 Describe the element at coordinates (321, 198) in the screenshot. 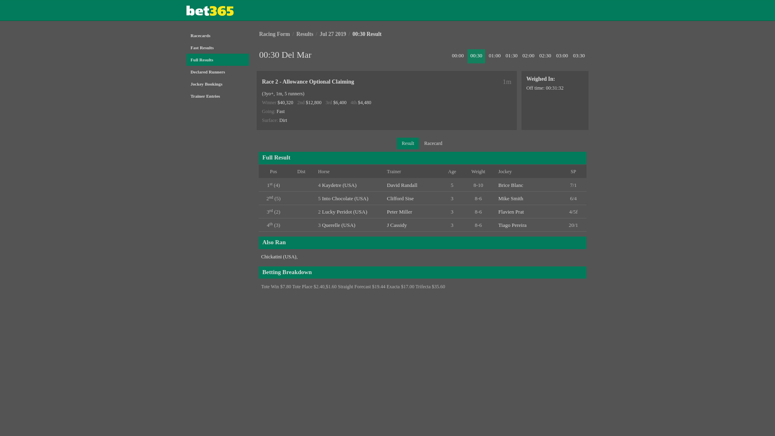

I see `'Into Chocolate (USA)'` at that location.